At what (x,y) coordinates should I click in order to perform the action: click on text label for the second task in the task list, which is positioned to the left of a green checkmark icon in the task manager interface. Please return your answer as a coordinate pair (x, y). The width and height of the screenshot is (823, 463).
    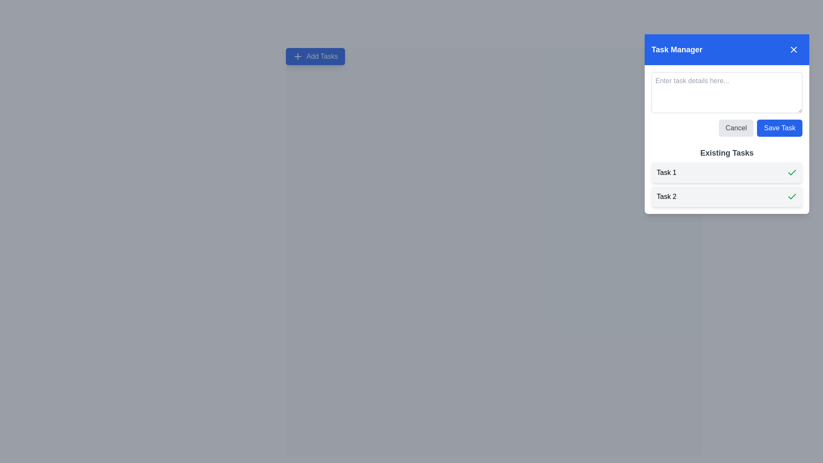
    Looking at the image, I should click on (666, 197).